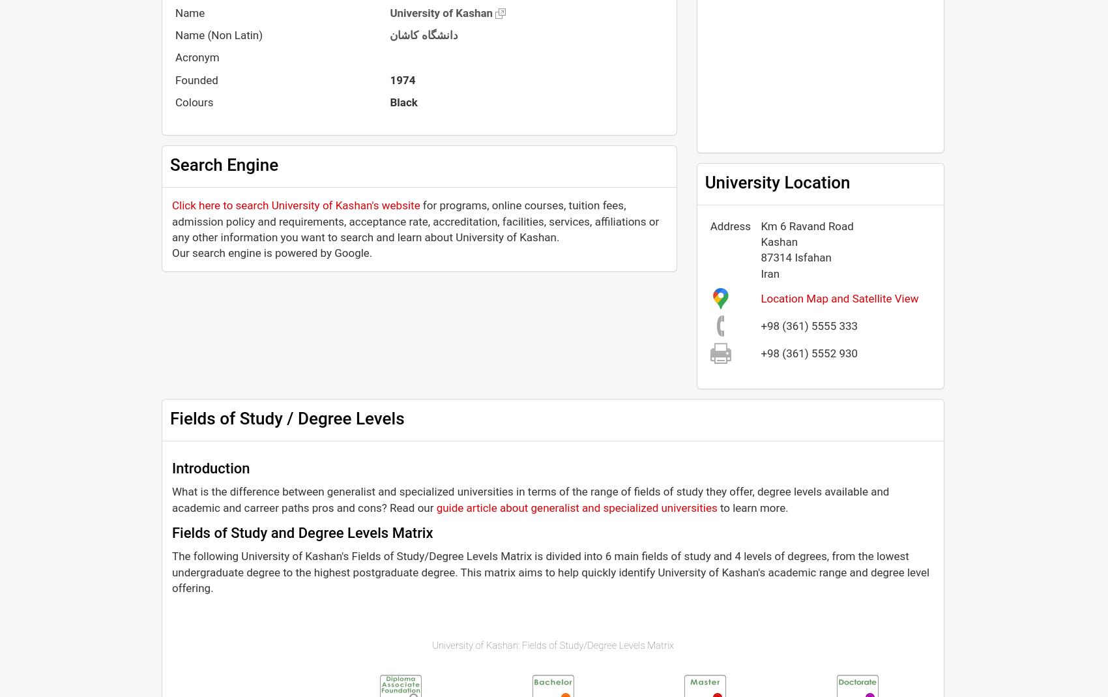 This screenshot has width=1108, height=697. I want to click on 'University Location', so click(776, 181).